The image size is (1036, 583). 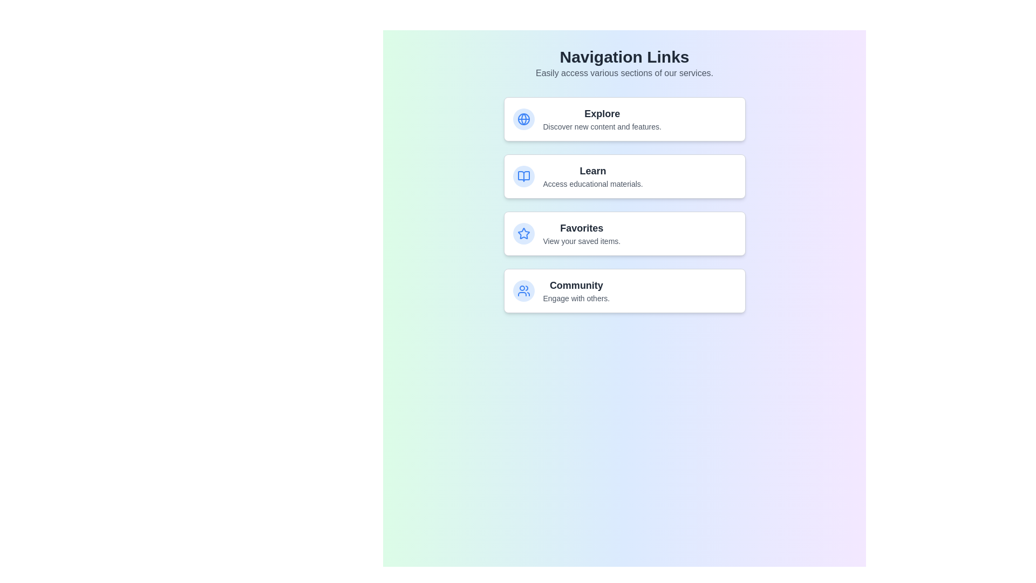 What do you see at coordinates (624, 290) in the screenshot?
I see `the 'Community' card component, which is the fourth item in the grid of navigation links` at bounding box center [624, 290].